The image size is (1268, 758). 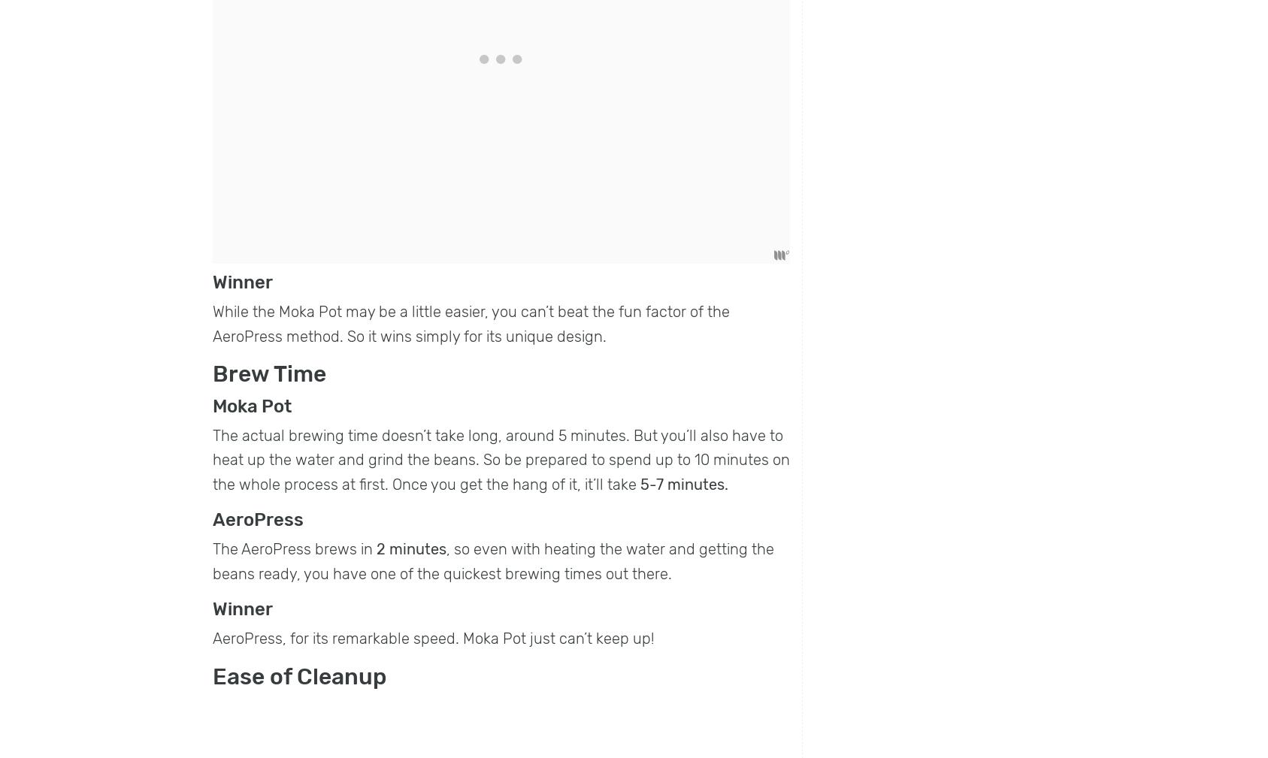 I want to click on ', so even with heating the water and getting the beans ready, you have one of the quickest brewing times out there.', so click(x=493, y=560).